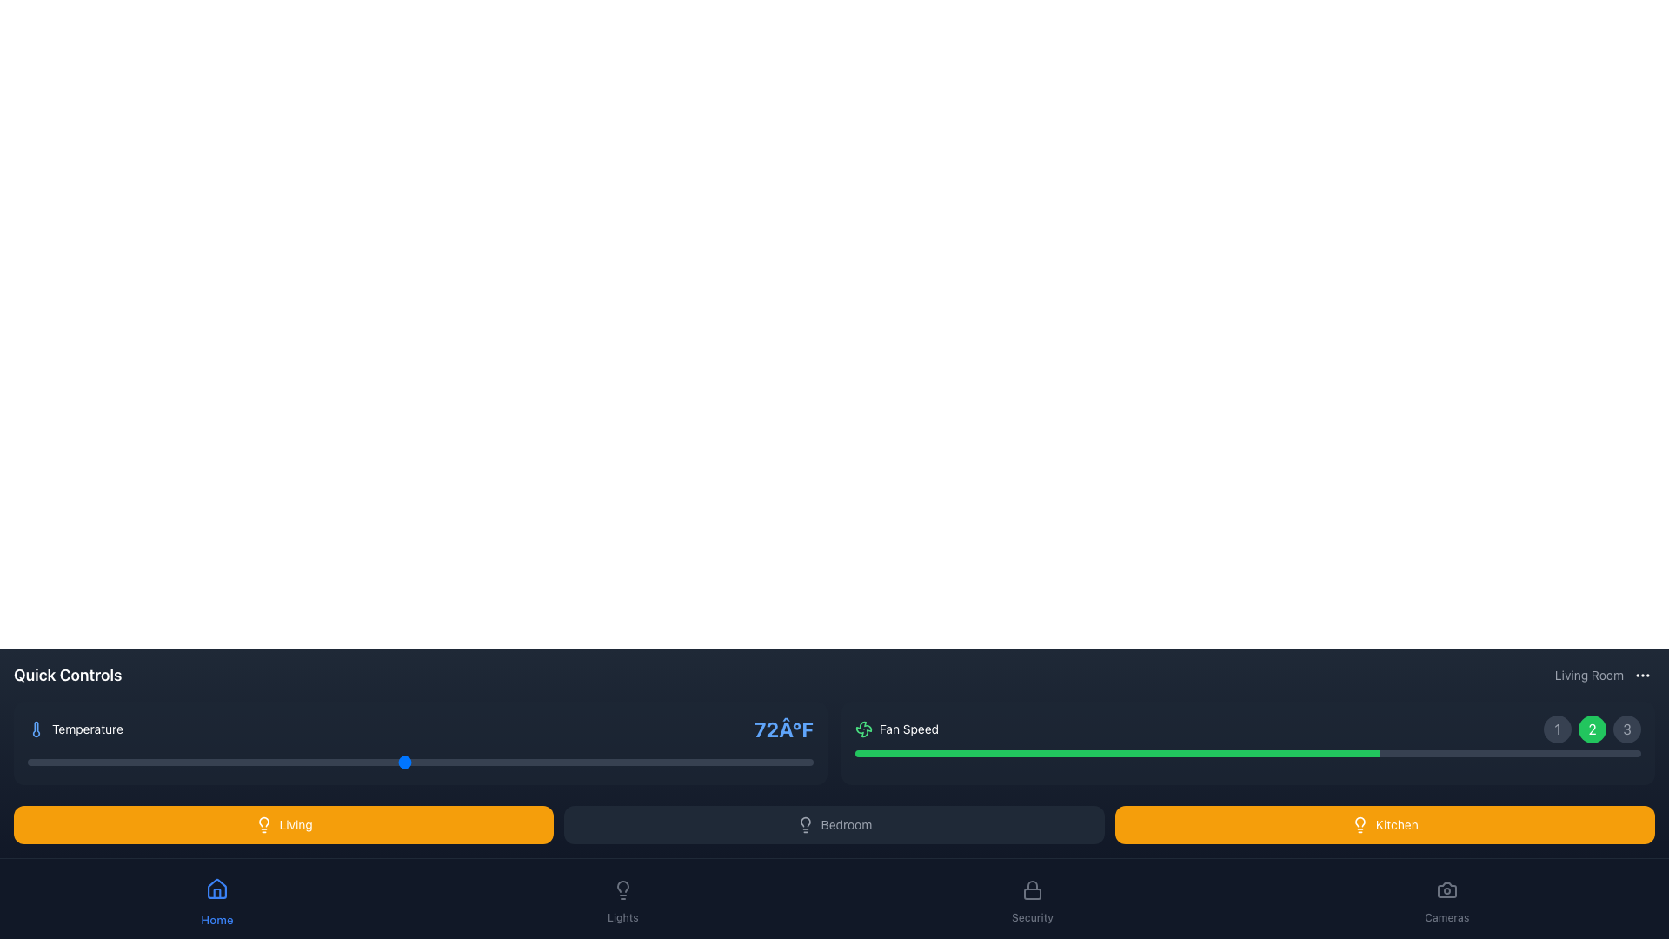 This screenshot has width=1669, height=939. I want to click on the 'Living' button, which is a rectangular button with rounded corners, an orange background, a white lightbulb icon, and bold white text, so click(283, 823).